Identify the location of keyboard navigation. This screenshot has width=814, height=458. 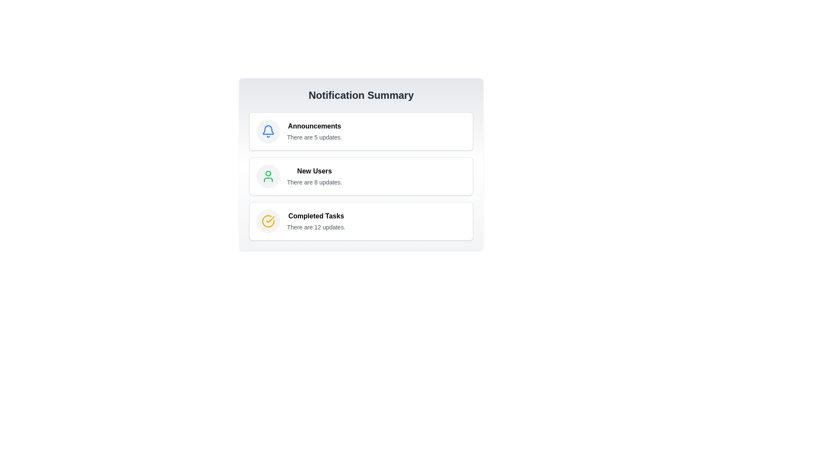
(361, 221).